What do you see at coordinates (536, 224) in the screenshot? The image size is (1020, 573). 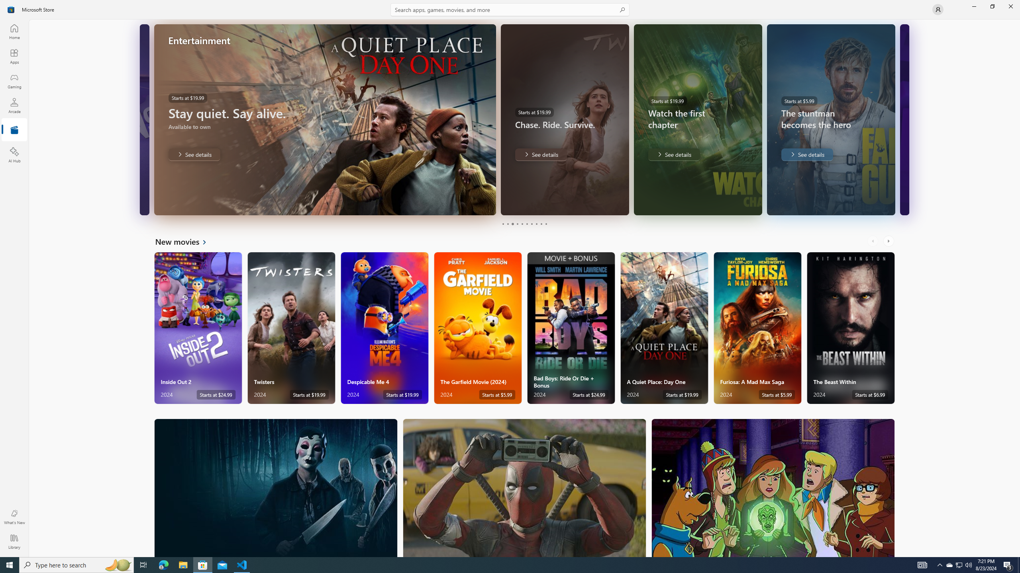 I see `'Page 8'` at bounding box center [536, 224].